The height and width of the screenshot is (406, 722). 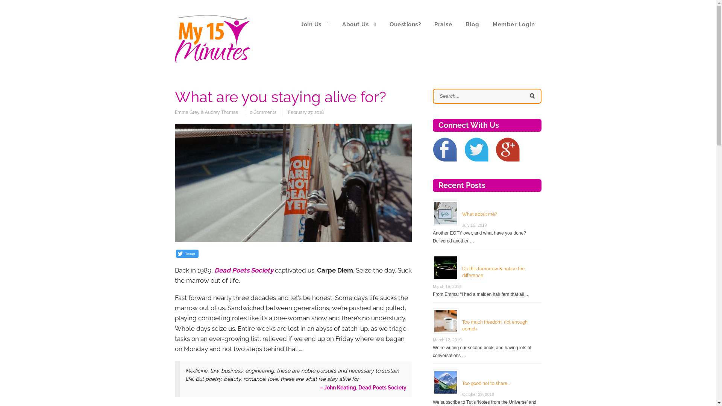 What do you see at coordinates (458, 24) in the screenshot?
I see `'Blog'` at bounding box center [458, 24].